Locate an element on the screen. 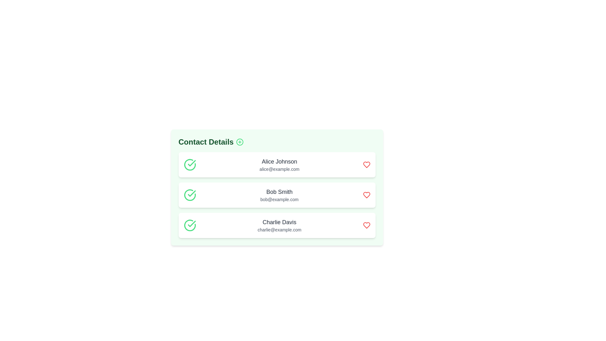 This screenshot has width=606, height=341. heart icon to favorite the contact Bob Smith is located at coordinates (366, 194).